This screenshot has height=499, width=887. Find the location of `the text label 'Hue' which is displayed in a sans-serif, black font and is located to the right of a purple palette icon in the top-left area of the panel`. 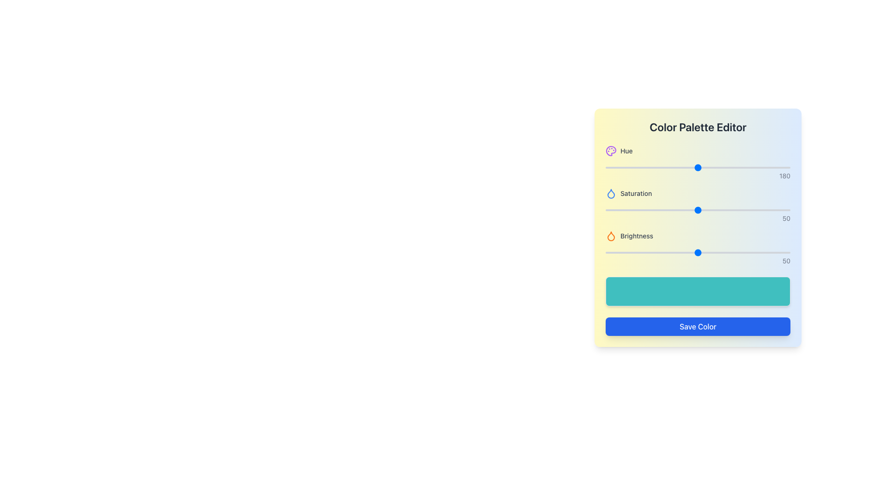

the text label 'Hue' which is displayed in a sans-serif, black font and is located to the right of a purple palette icon in the top-left area of the panel is located at coordinates (626, 151).